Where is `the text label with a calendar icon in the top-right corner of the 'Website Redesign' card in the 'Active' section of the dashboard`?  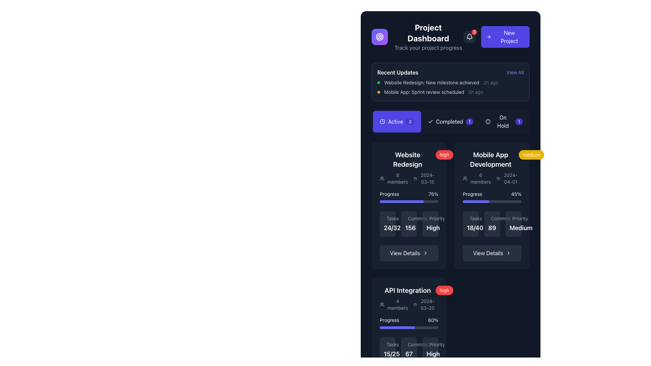 the text label with a calendar icon in the top-right corner of the 'Website Redesign' card in the 'Active' section of the dashboard is located at coordinates (424, 178).